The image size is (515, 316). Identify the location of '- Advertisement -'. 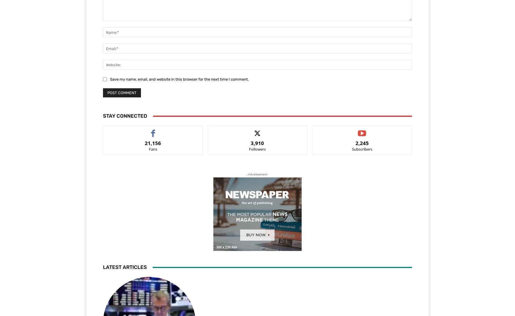
(247, 174).